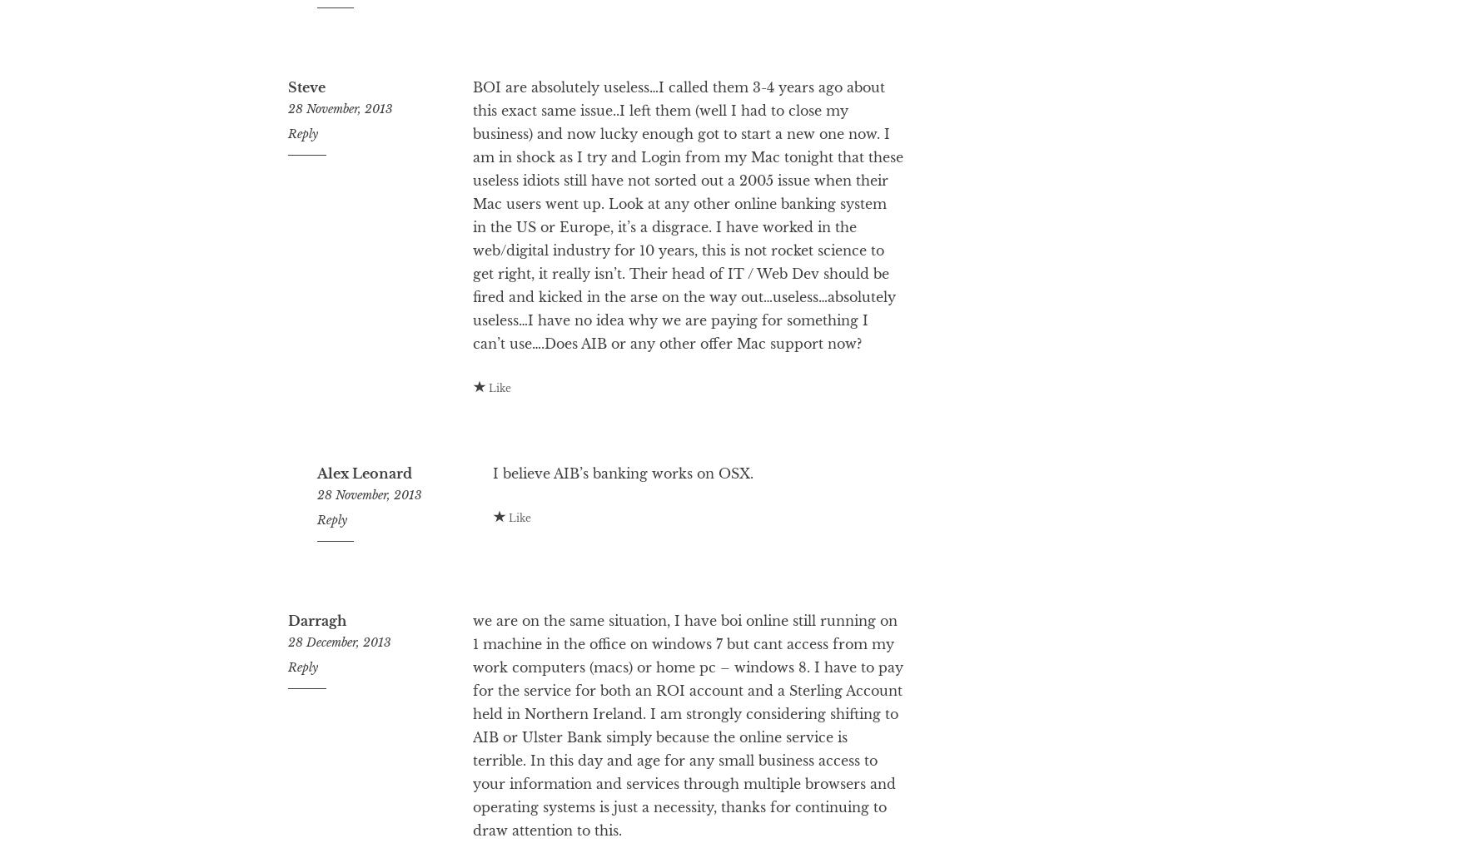 Image resolution: width=1482 pixels, height=863 pixels. What do you see at coordinates (470, 280) in the screenshot?
I see `'BOI are absolutely useless…I called them 3-4 years ago about this exact same issue..I left them (well I had to close my business) and now lucky enough got to start a new one now. I am in shock as I try and Login from my Mac tonight that these useless idiots still have not sorted out a 2005 issue when their Mac users went up. Look at any other online banking system in the US or Europe, it’s a disgrace. I have worked in the web/digital industry for 10 years, this is not rocket science to get right, it really isn’t. Their head of IT / Web Dev should be fired and kicked in the arse on the way out…useless…absolutely useless…I have no idea why we are paying for something I can’t use….Does AIB or any other offer Mac support now?'` at bounding box center [470, 280].